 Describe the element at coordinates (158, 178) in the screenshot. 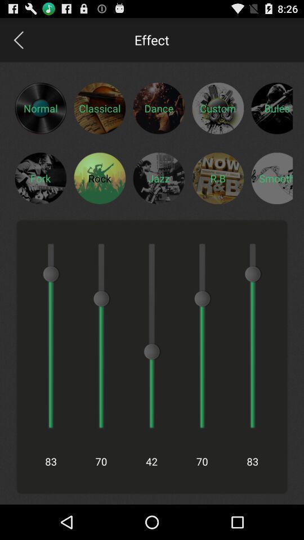

I see `effect` at that location.